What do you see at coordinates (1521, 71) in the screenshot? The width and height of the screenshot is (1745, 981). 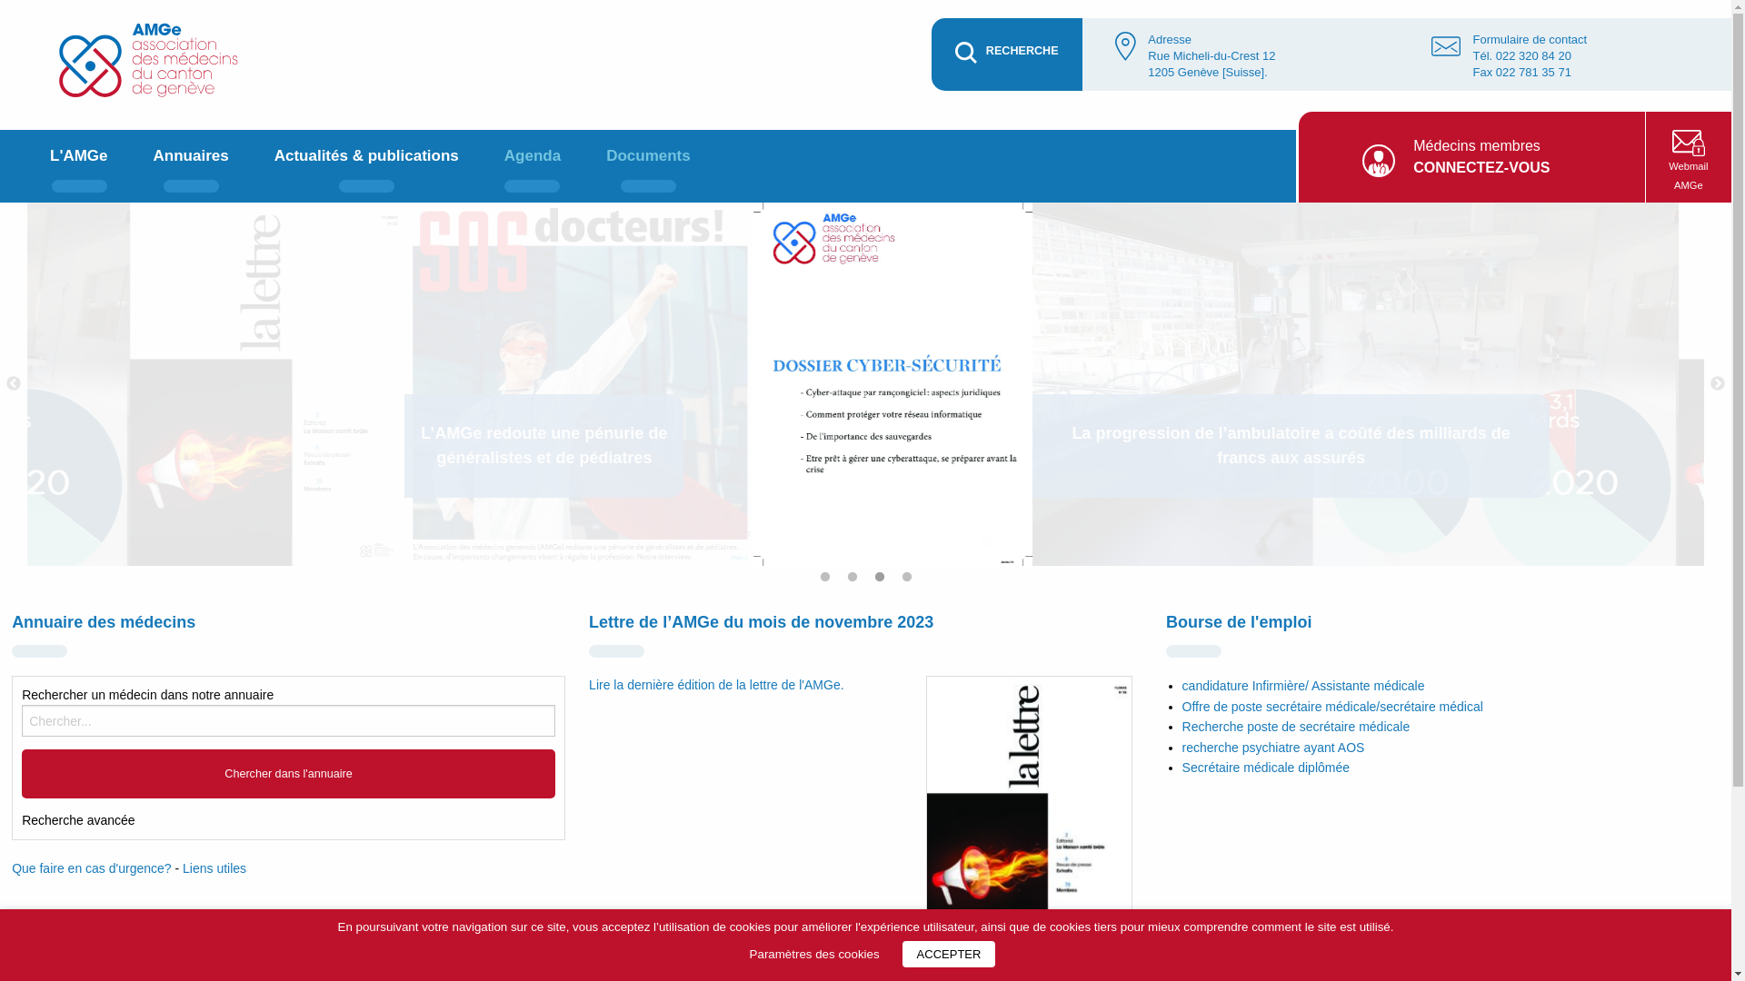 I see `'Fax 022 781 35 71'` at bounding box center [1521, 71].